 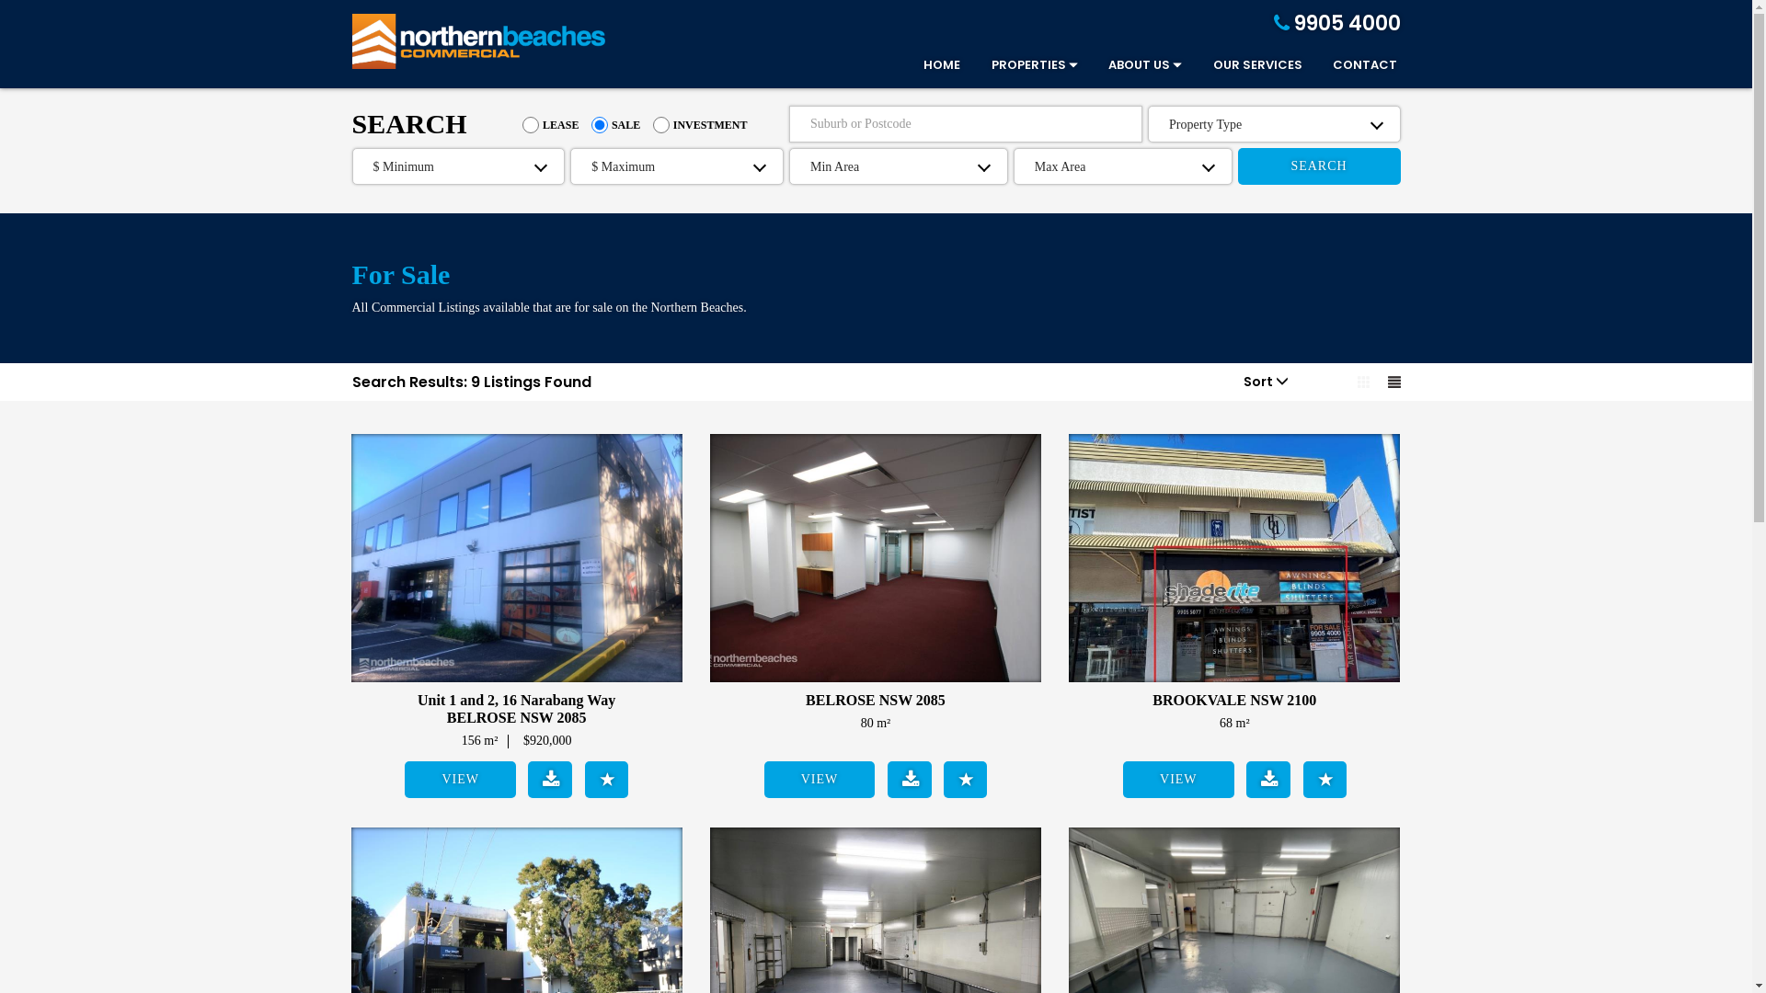 I want to click on 'CONTACT', so click(x=1304, y=66).